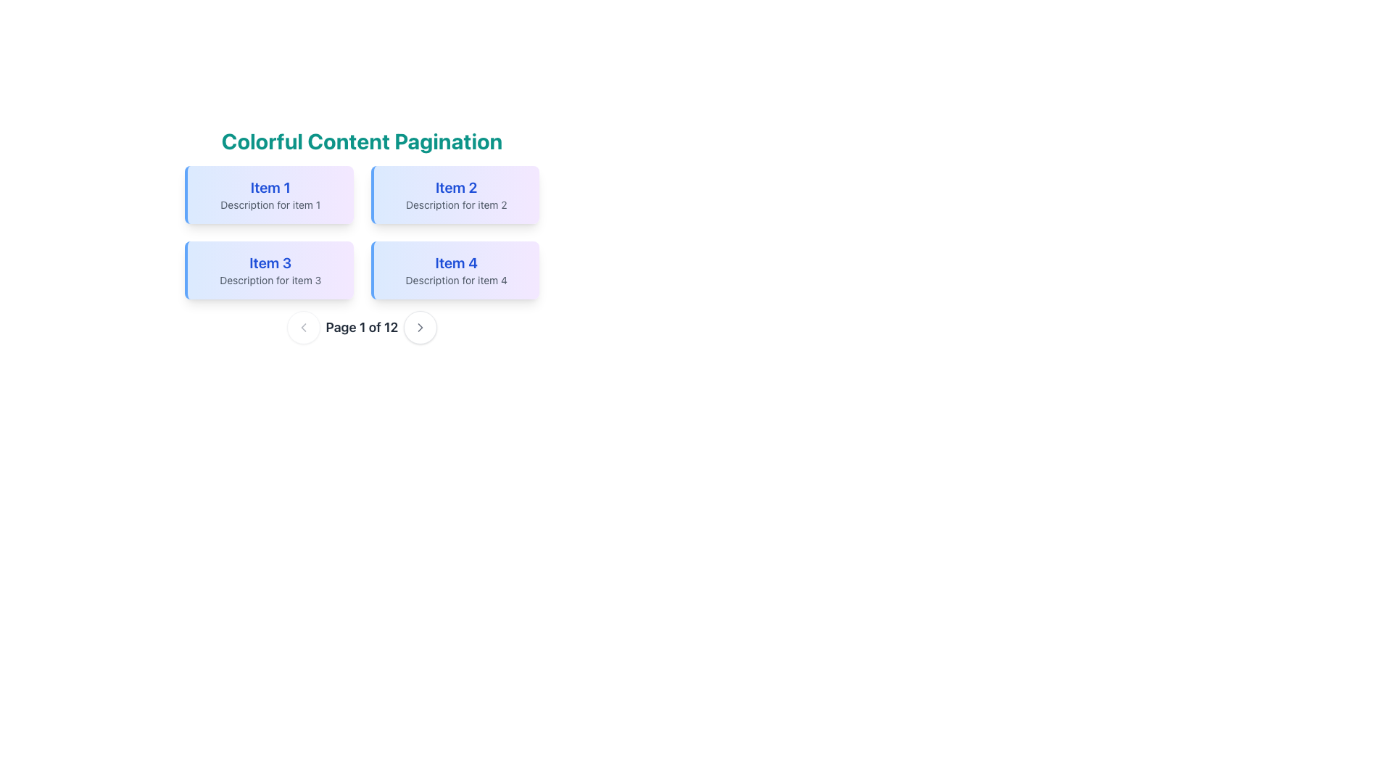  What do you see at coordinates (302, 327) in the screenshot?
I see `the pagination button that allows navigation to the previous page, located to the left of 'Page 1 of 12'` at bounding box center [302, 327].